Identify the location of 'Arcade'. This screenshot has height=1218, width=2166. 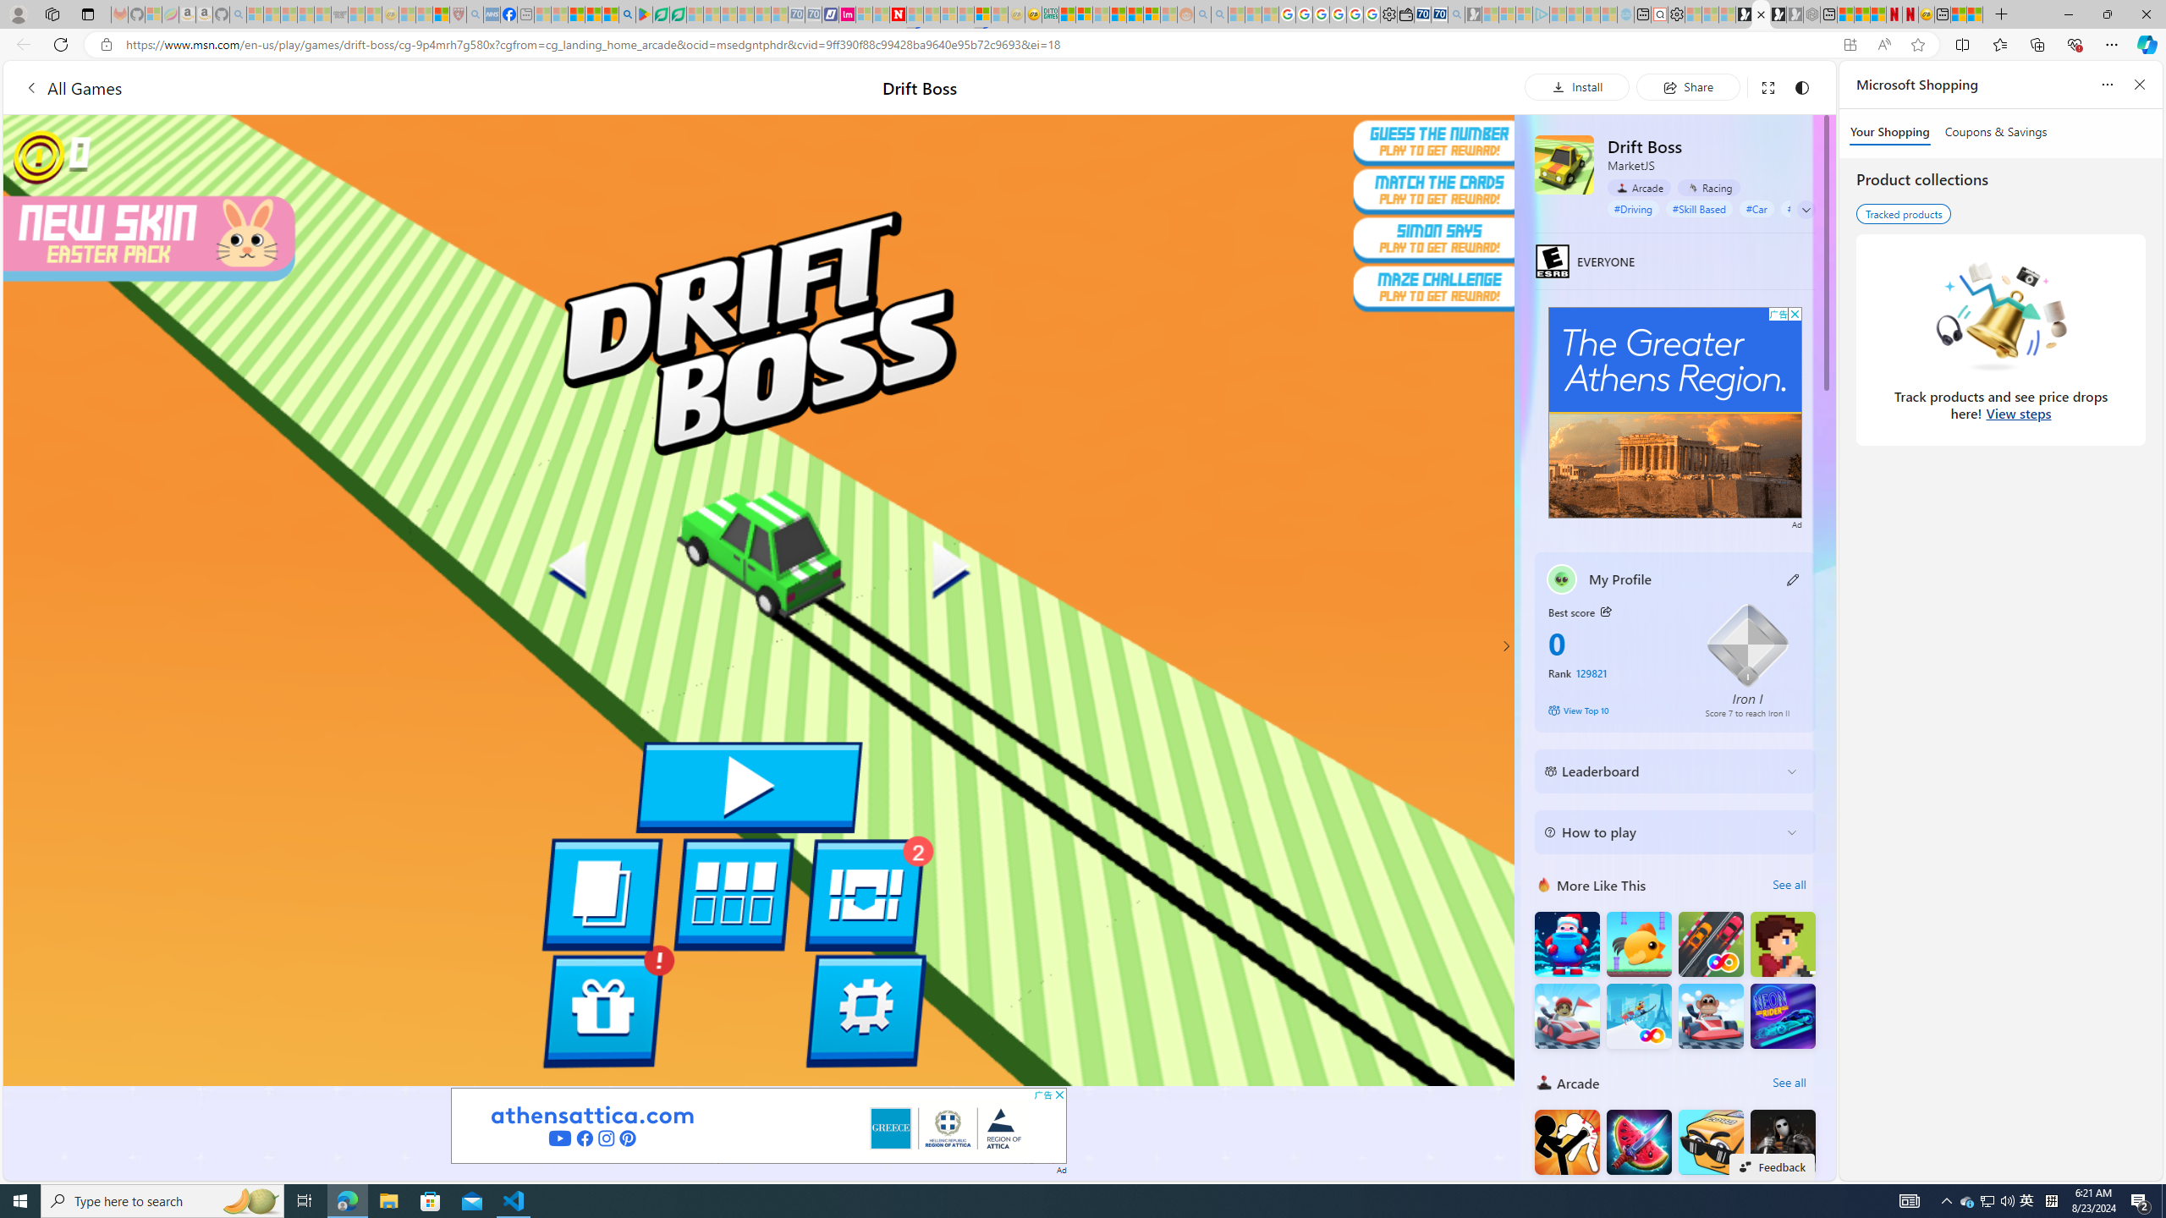
(1638, 188).